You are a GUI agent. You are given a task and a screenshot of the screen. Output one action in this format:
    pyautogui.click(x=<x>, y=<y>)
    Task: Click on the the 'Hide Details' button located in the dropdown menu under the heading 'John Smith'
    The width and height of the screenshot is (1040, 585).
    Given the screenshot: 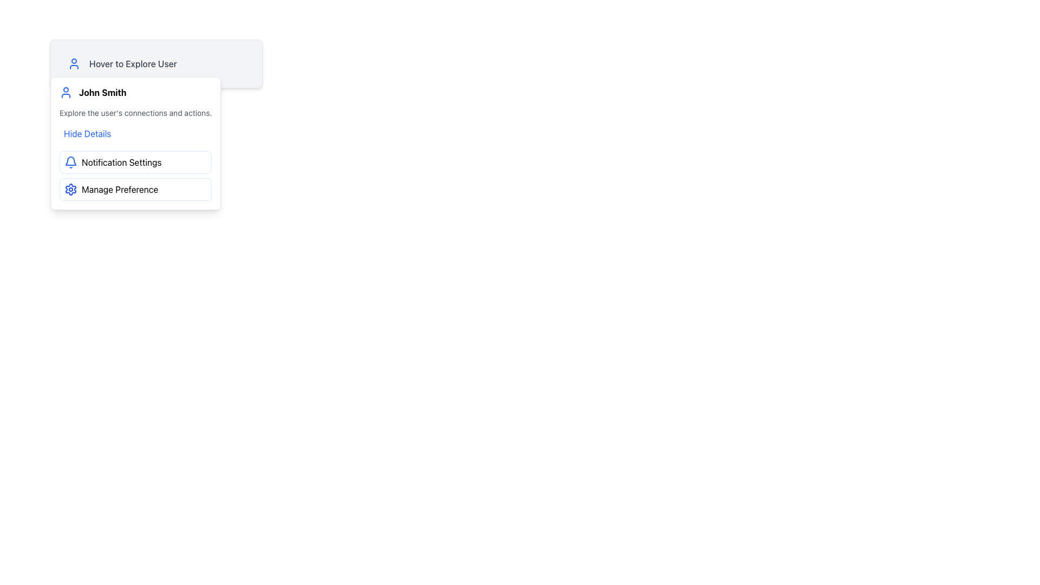 What is the action you would take?
    pyautogui.click(x=87, y=133)
    